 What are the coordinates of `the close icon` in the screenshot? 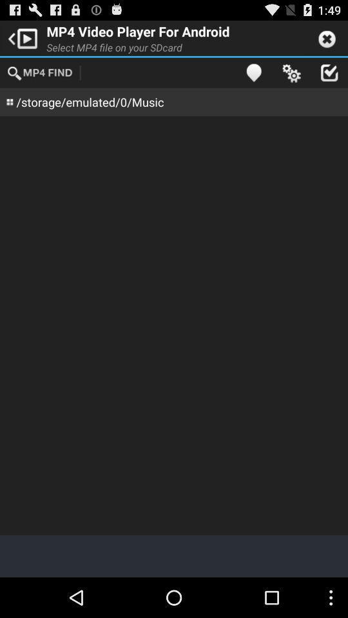 It's located at (327, 40).